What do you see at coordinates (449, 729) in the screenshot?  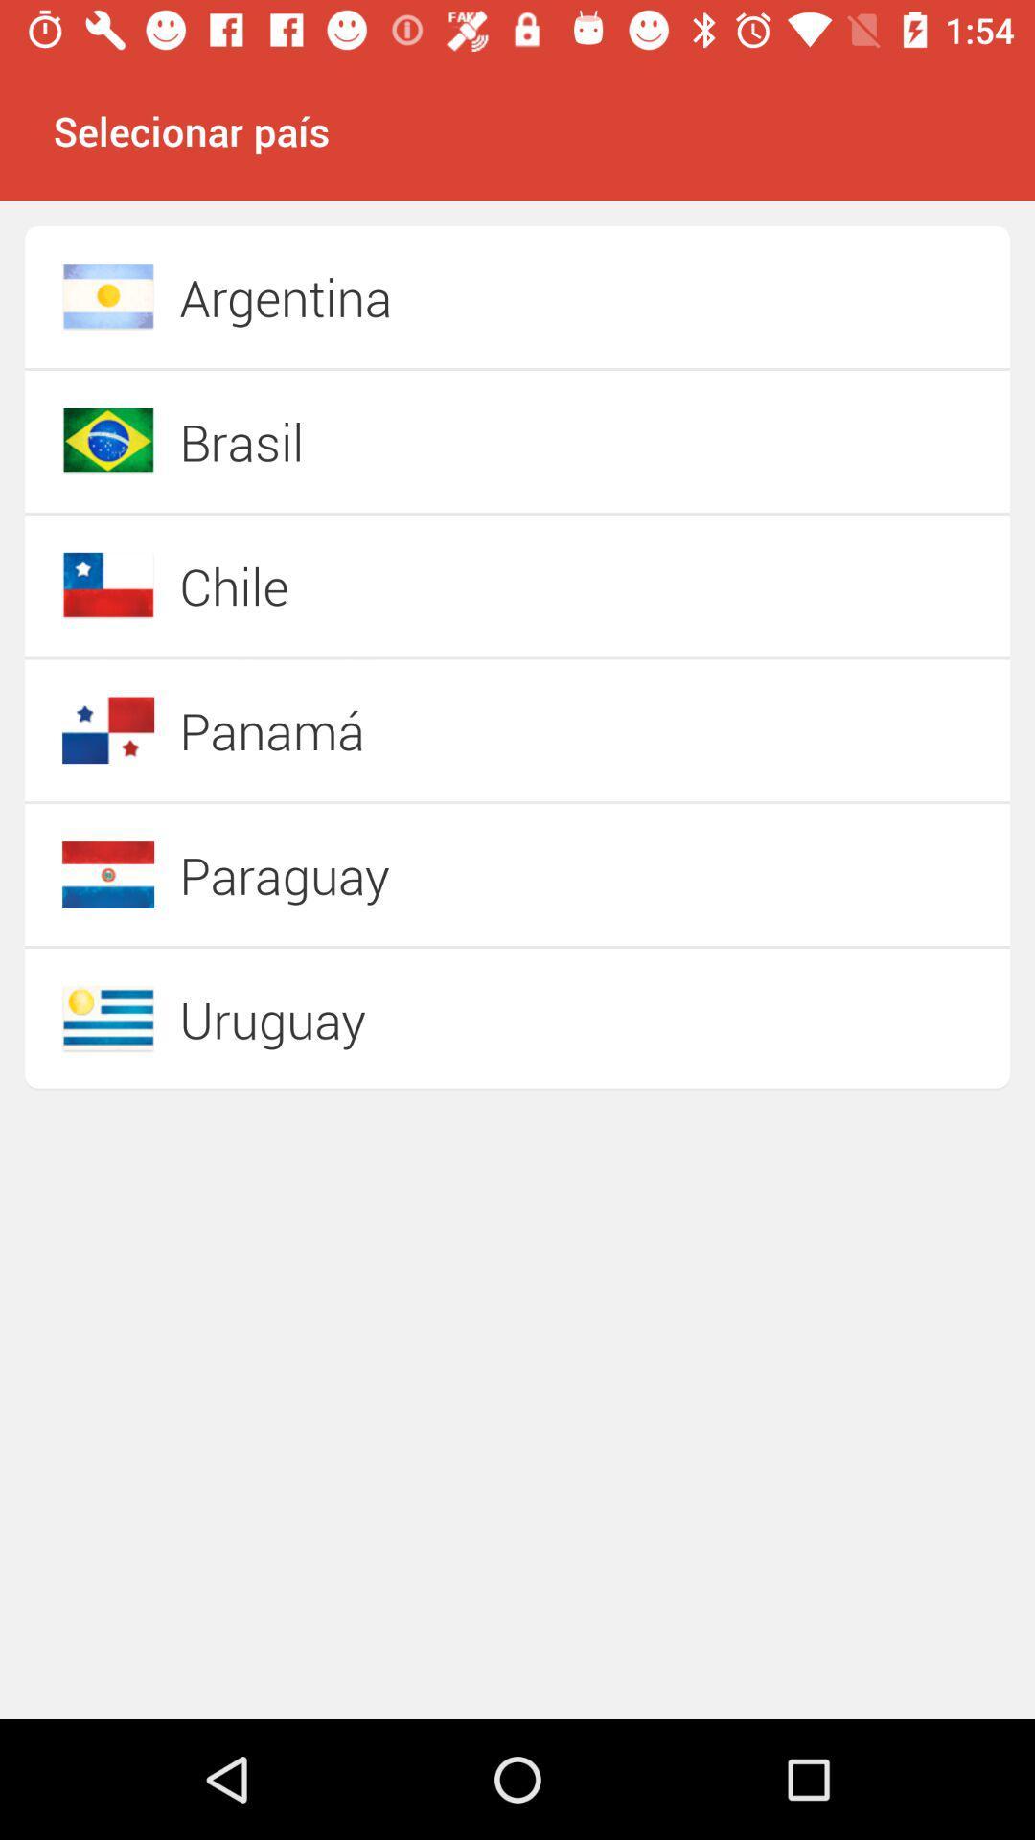 I see `icon above the paraguay icon` at bounding box center [449, 729].